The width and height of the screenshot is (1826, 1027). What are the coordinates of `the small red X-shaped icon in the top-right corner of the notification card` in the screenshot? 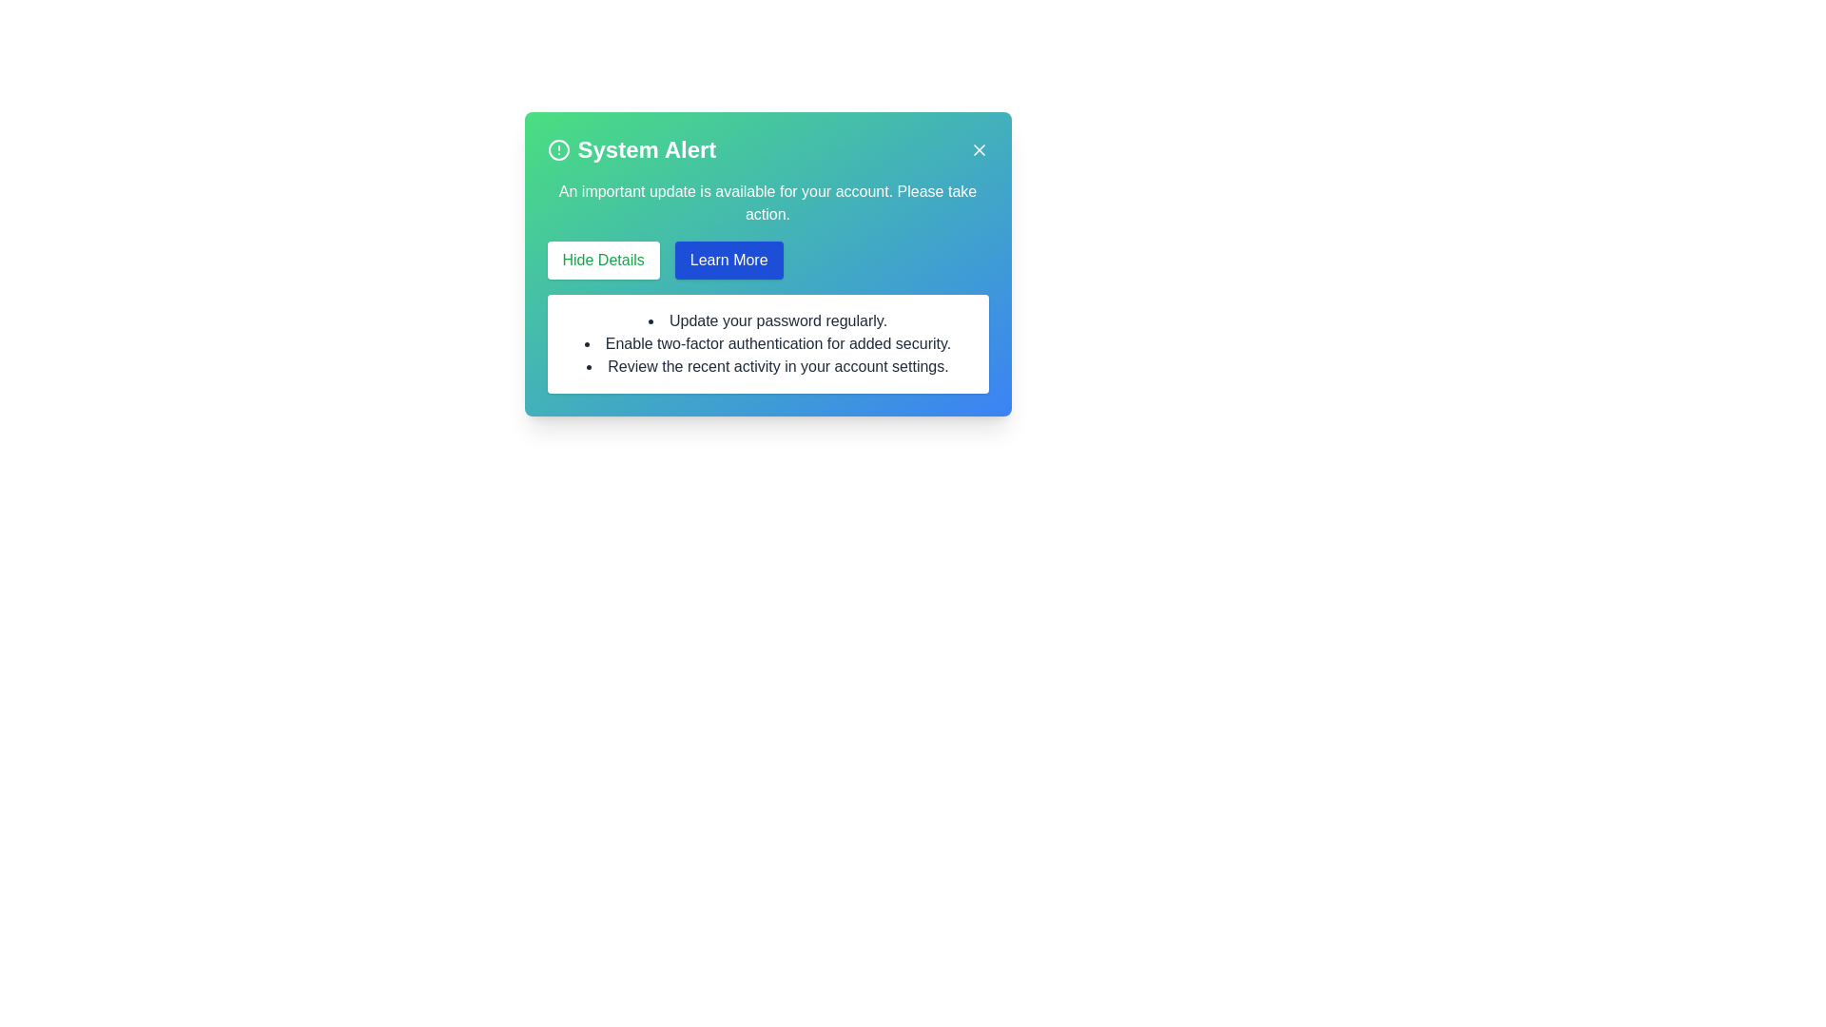 It's located at (979, 149).